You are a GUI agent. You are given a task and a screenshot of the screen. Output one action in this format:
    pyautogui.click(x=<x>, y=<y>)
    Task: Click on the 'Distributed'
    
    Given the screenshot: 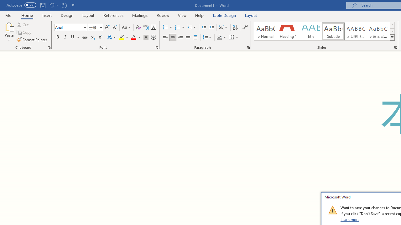 What is the action you would take?
    pyautogui.click(x=195, y=37)
    